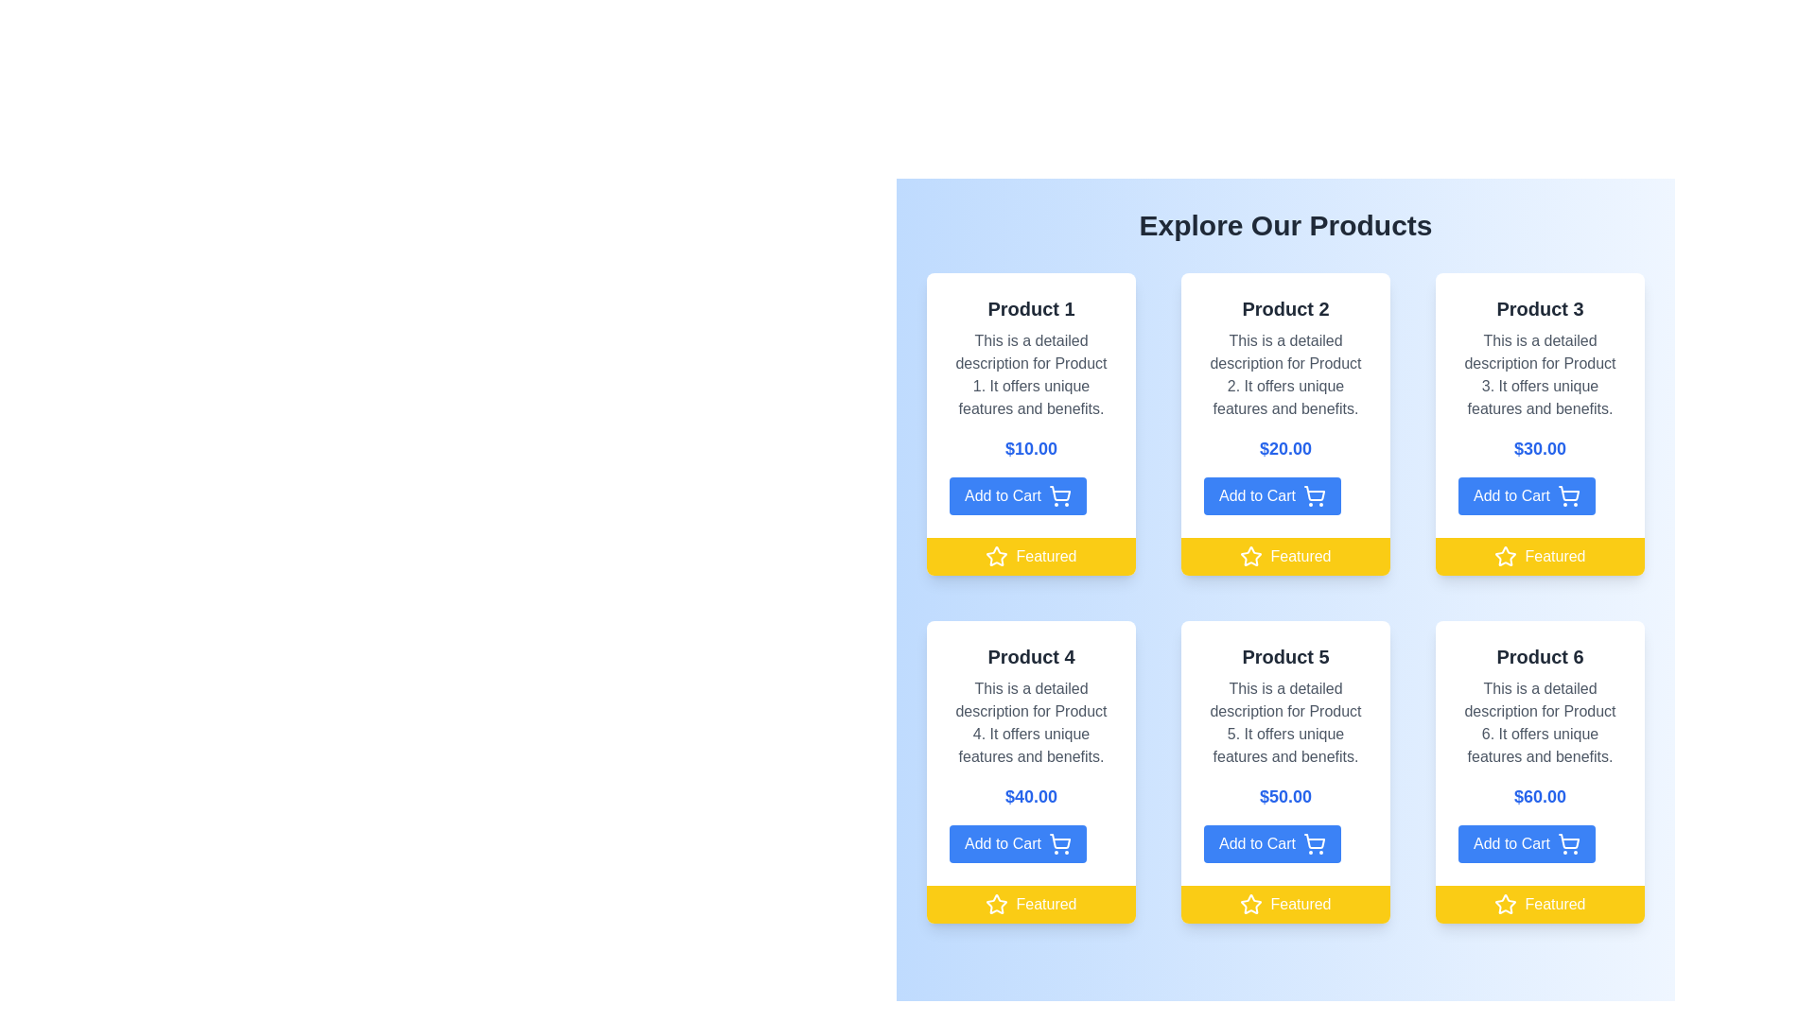 The width and height of the screenshot is (1816, 1021). Describe the element at coordinates (1540, 308) in the screenshot. I see `text label displaying 'Product 3', which is styled in bold and larger font, positioned at the top of the product card` at that location.